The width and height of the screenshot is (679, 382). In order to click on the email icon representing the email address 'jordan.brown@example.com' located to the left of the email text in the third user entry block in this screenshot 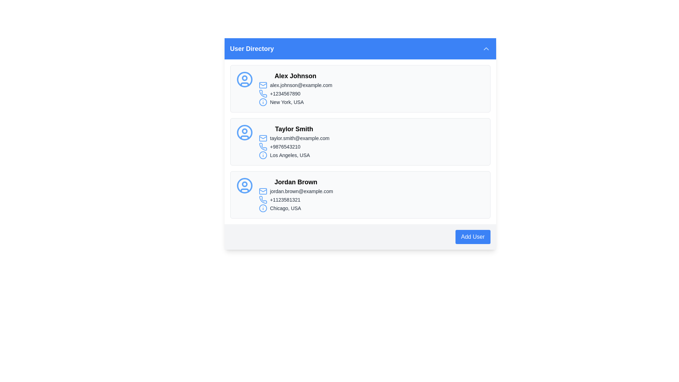, I will do `click(262, 191)`.